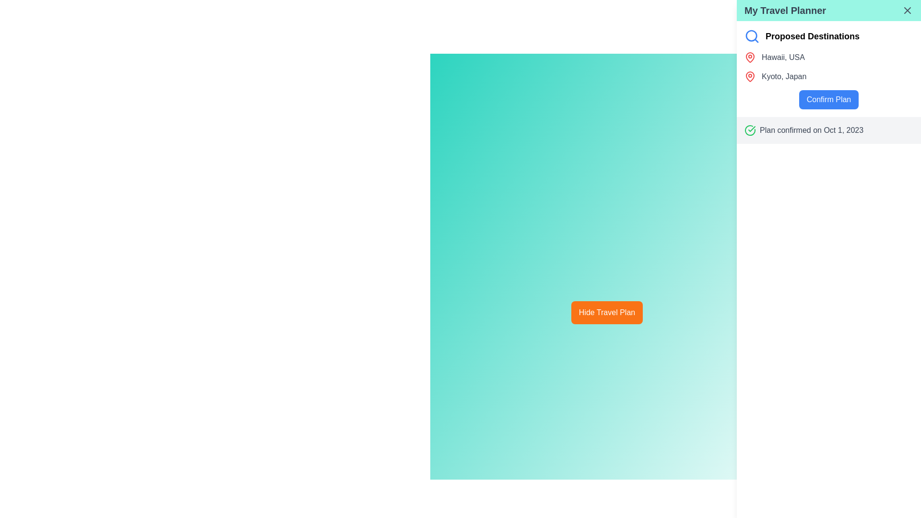  What do you see at coordinates (828, 76) in the screenshot?
I see `the text label displaying 'Kyoto, Japan' with a red pin icon, which is the second item in the 'Proposed Destinations' list in the 'My Travel Planner' panel` at bounding box center [828, 76].